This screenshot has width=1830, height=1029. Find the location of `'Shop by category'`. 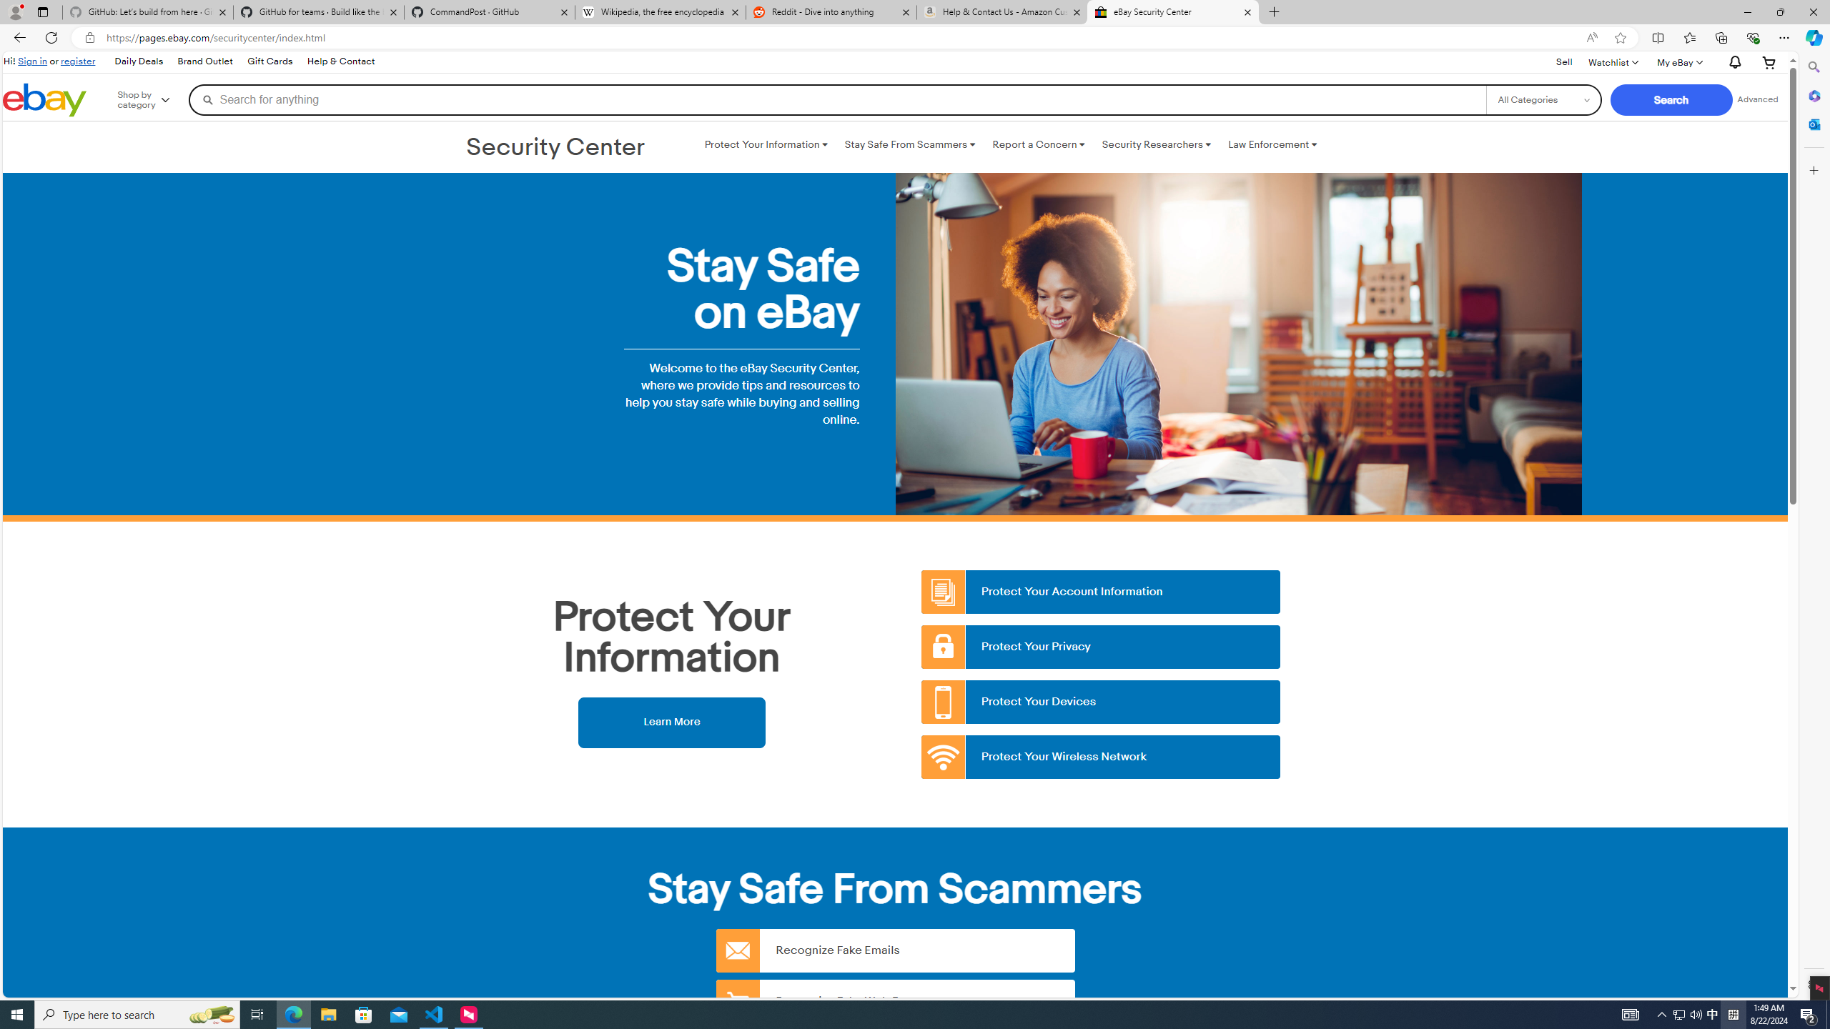

'Shop by category' is located at coordinates (154, 99).